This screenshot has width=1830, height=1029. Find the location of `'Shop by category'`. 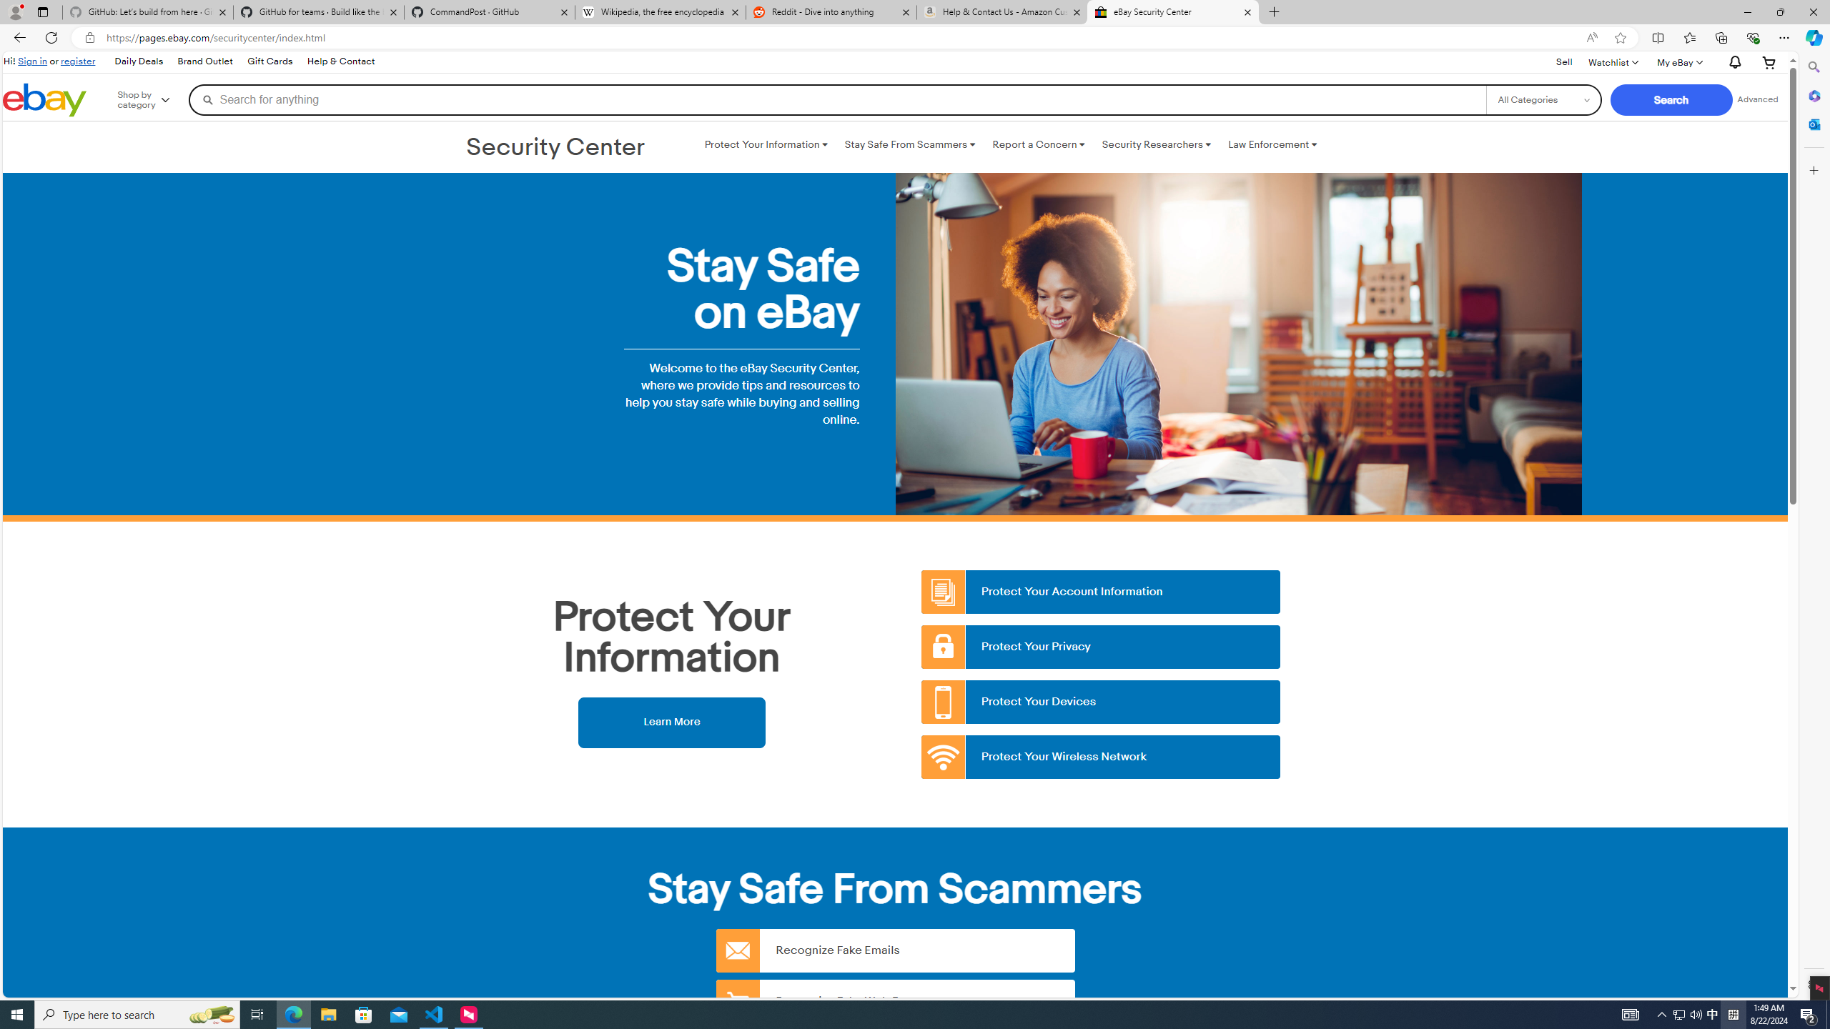

'Shop by category' is located at coordinates (154, 99).